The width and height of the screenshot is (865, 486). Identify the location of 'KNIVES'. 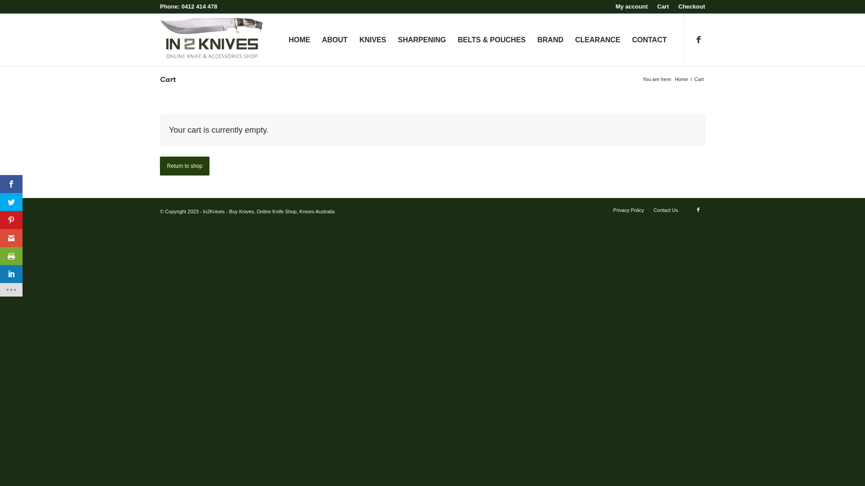
(353, 39).